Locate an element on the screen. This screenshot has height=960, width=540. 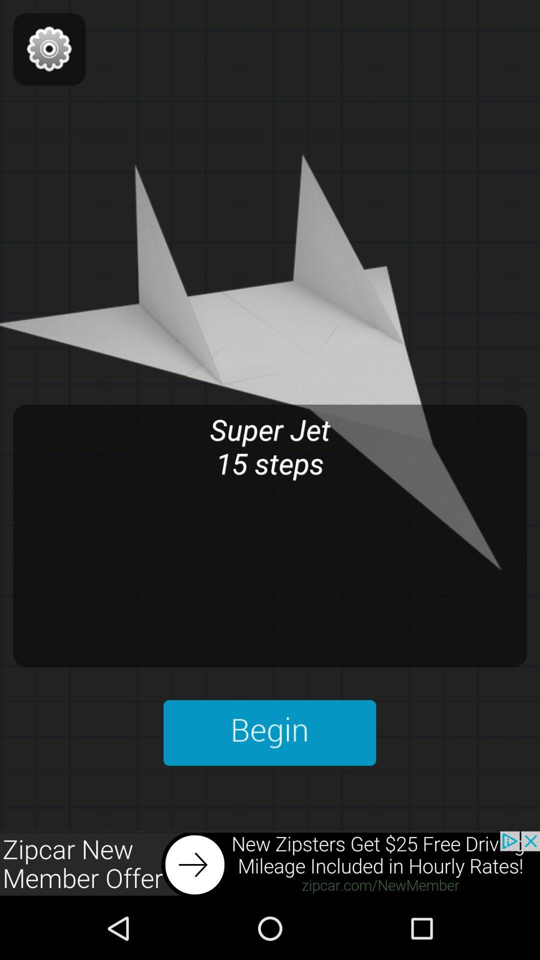
the settings icon is located at coordinates (49, 52).